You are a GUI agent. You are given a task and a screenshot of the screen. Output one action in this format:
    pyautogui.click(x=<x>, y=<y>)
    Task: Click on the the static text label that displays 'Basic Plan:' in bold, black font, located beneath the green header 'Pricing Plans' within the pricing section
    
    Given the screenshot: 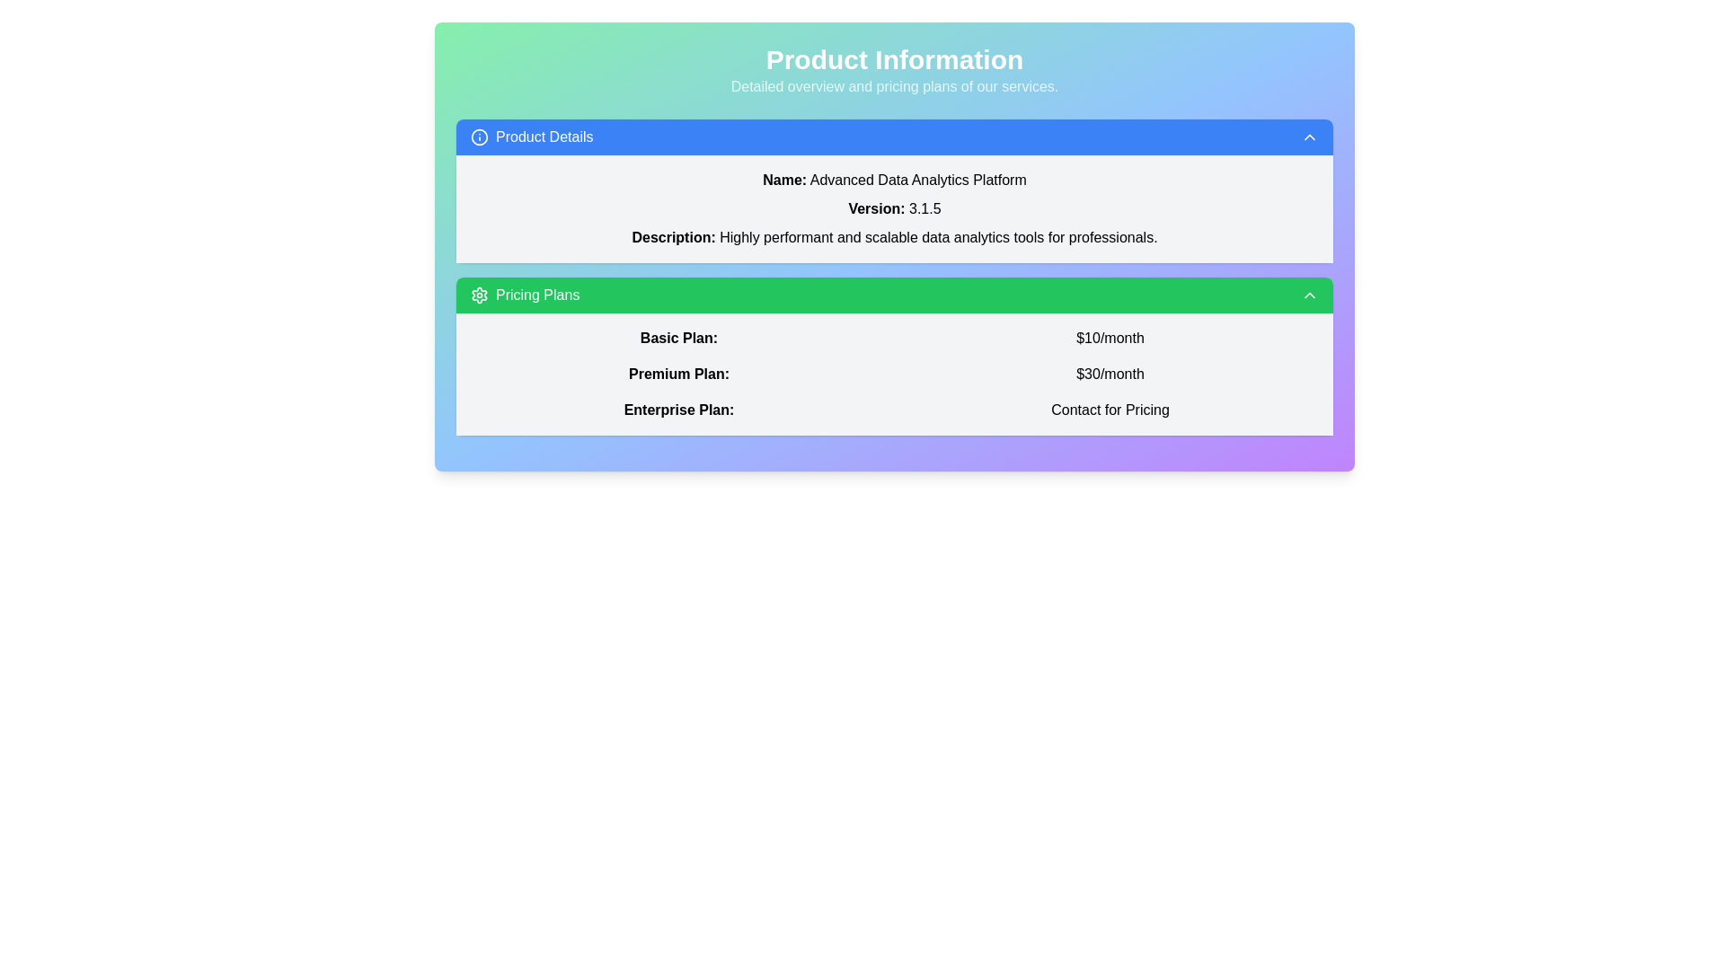 What is the action you would take?
    pyautogui.click(x=677, y=339)
    